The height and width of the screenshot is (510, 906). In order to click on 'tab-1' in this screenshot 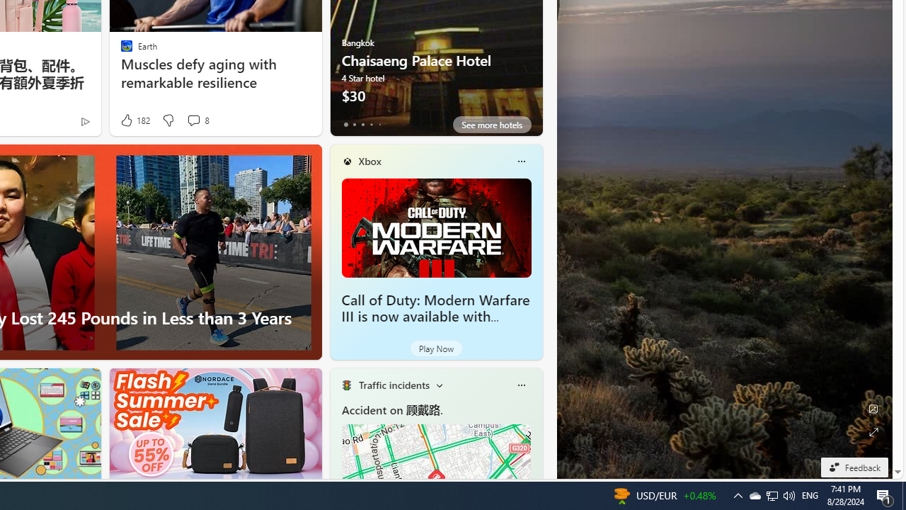, I will do `click(354, 124)`.